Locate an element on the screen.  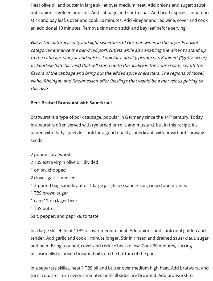
'century. Today bratwurst is often served with rye bread or rolls and mustard, but in this recipe, it’s paired with fluffy spaetzle. Look for a good quality sauerkraut, with or without caraway seeds.' is located at coordinates (117, 128).